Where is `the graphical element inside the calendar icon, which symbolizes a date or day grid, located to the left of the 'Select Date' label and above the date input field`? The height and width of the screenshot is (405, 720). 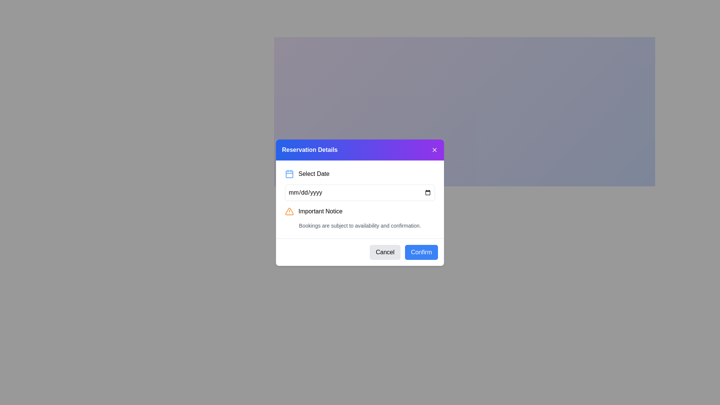
the graphical element inside the calendar icon, which symbolizes a date or day grid, located to the left of the 'Select Date' label and above the date input field is located at coordinates (289, 174).